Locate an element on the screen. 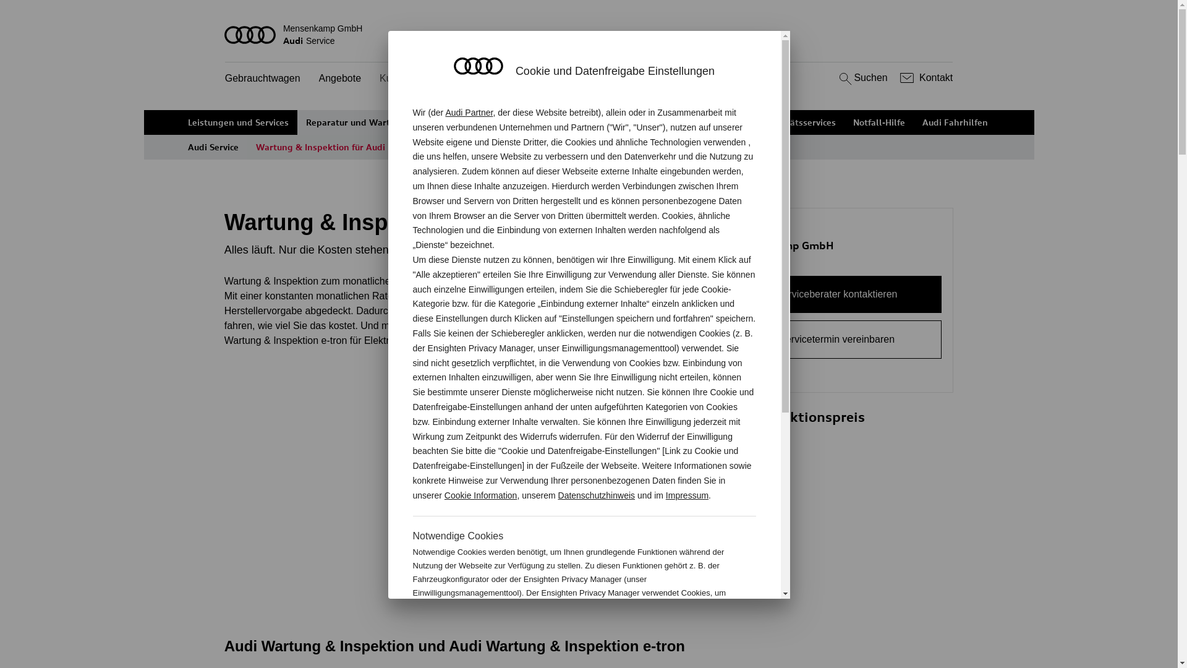  'Reparatur und Wartung' is located at coordinates (355, 122).